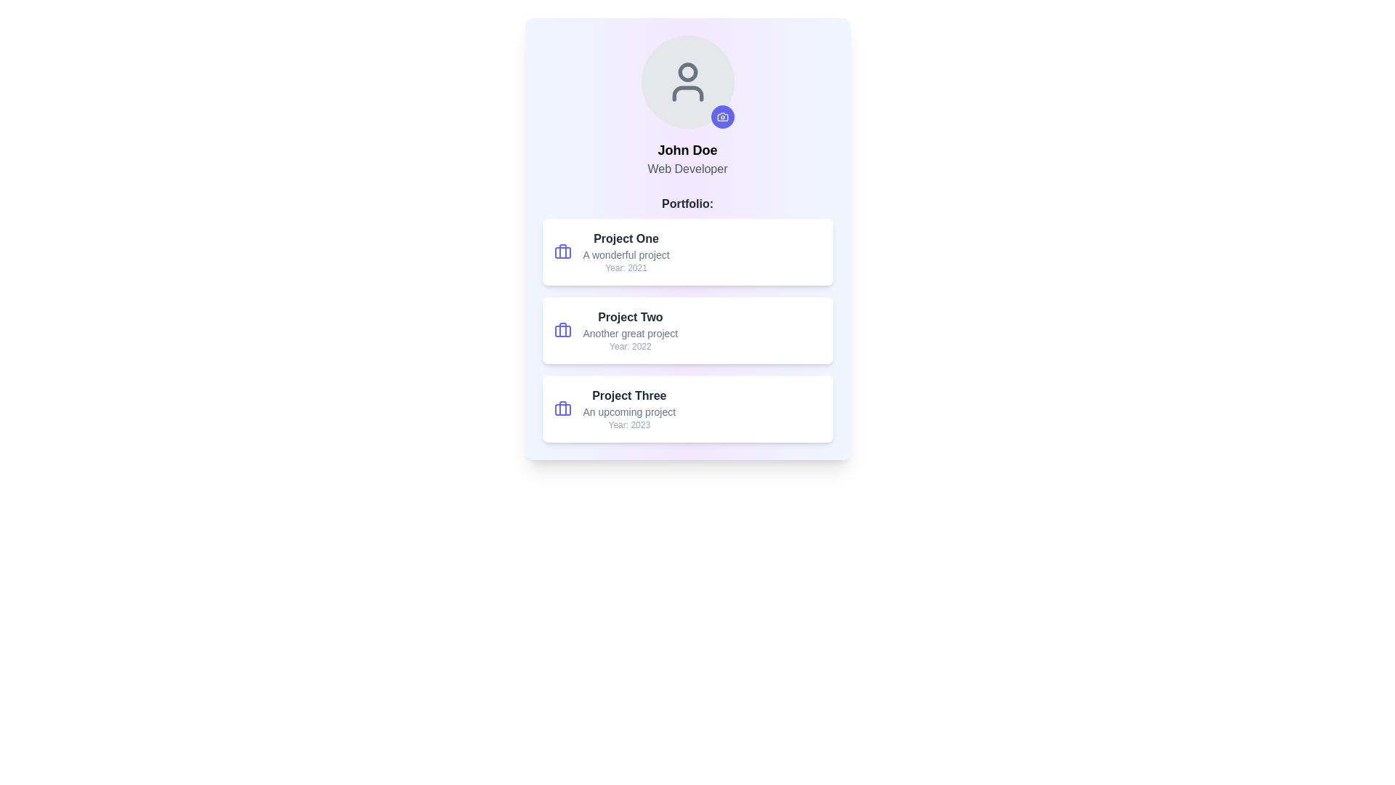 Image resolution: width=1395 pixels, height=785 pixels. What do you see at coordinates (687, 409) in the screenshot?
I see `the Information card at the bottom of the vertical list that displays project details, including the title and description` at bounding box center [687, 409].